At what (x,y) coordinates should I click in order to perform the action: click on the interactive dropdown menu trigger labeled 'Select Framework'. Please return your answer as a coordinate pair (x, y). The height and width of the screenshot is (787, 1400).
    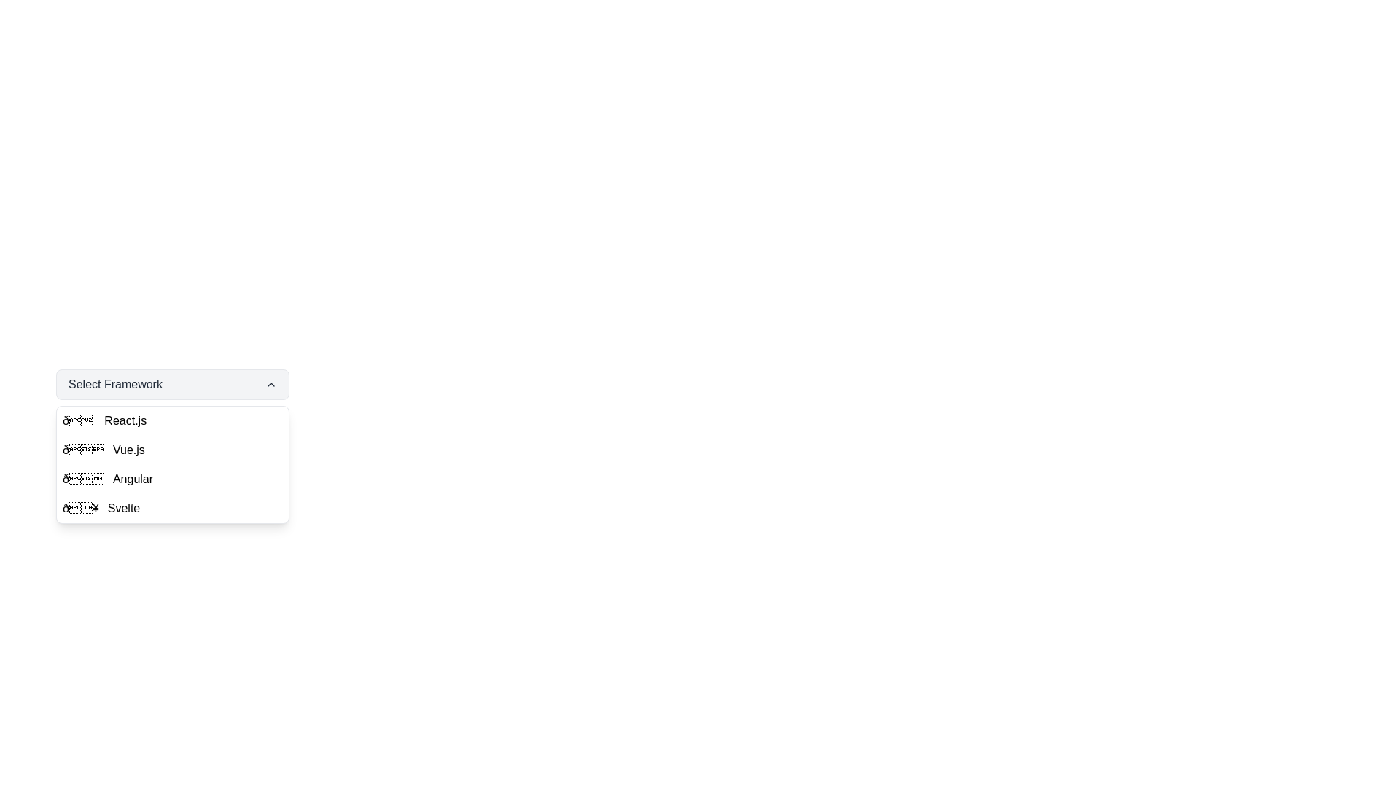
    Looking at the image, I should click on (172, 384).